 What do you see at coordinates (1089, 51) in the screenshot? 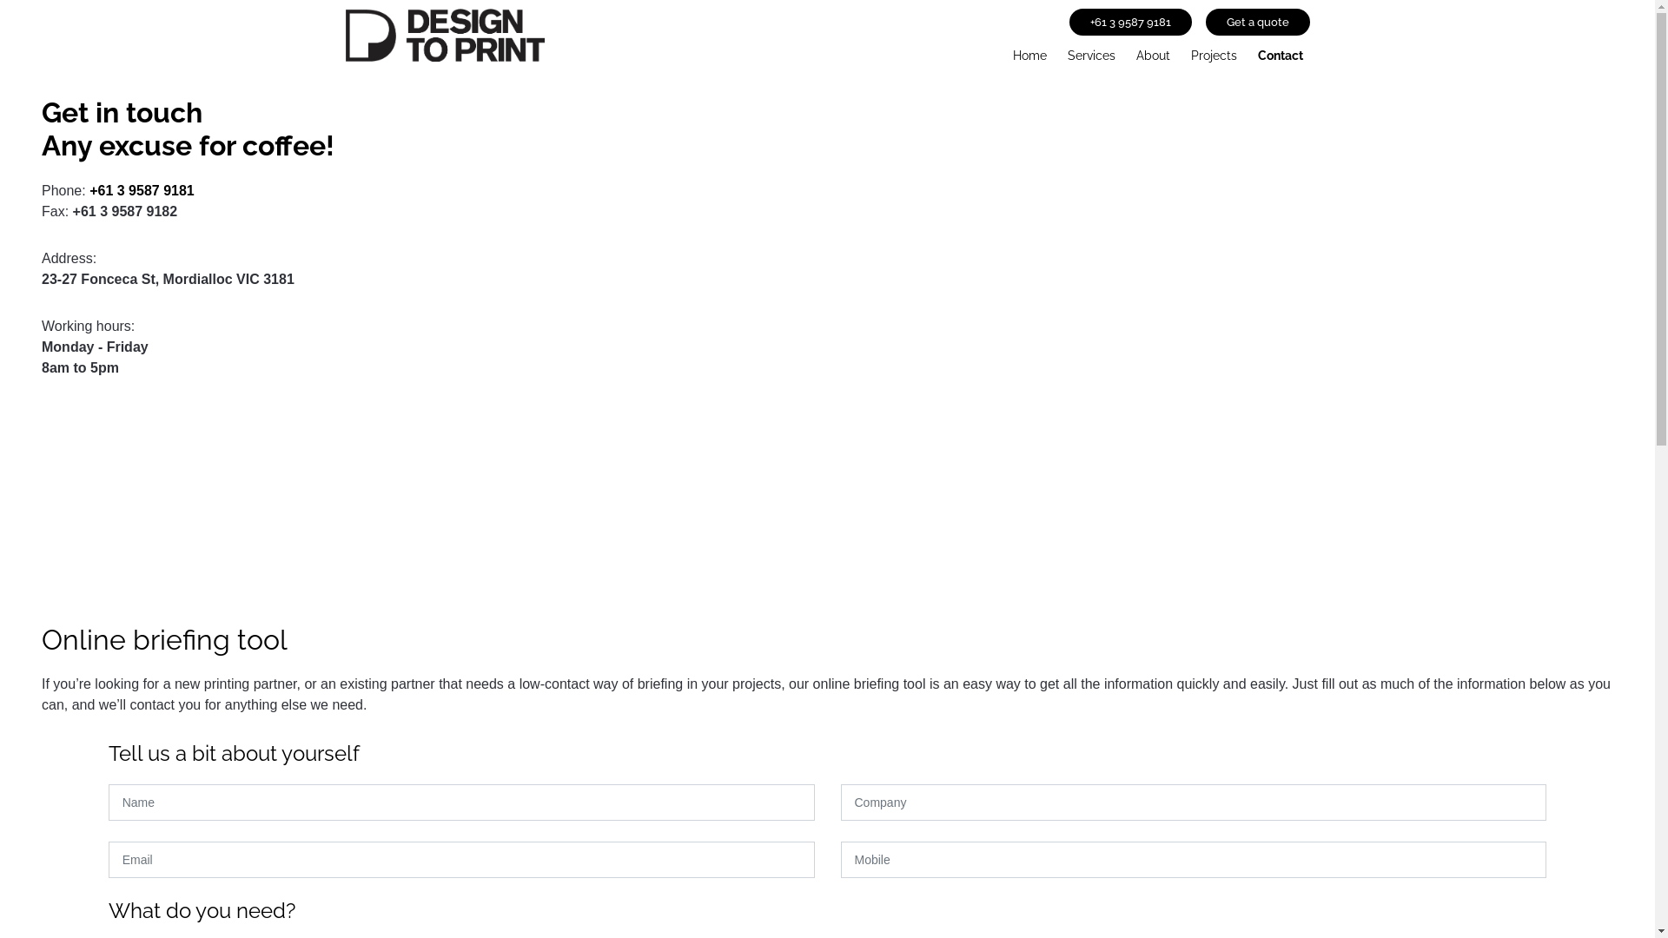
I see `'Services'` at bounding box center [1089, 51].